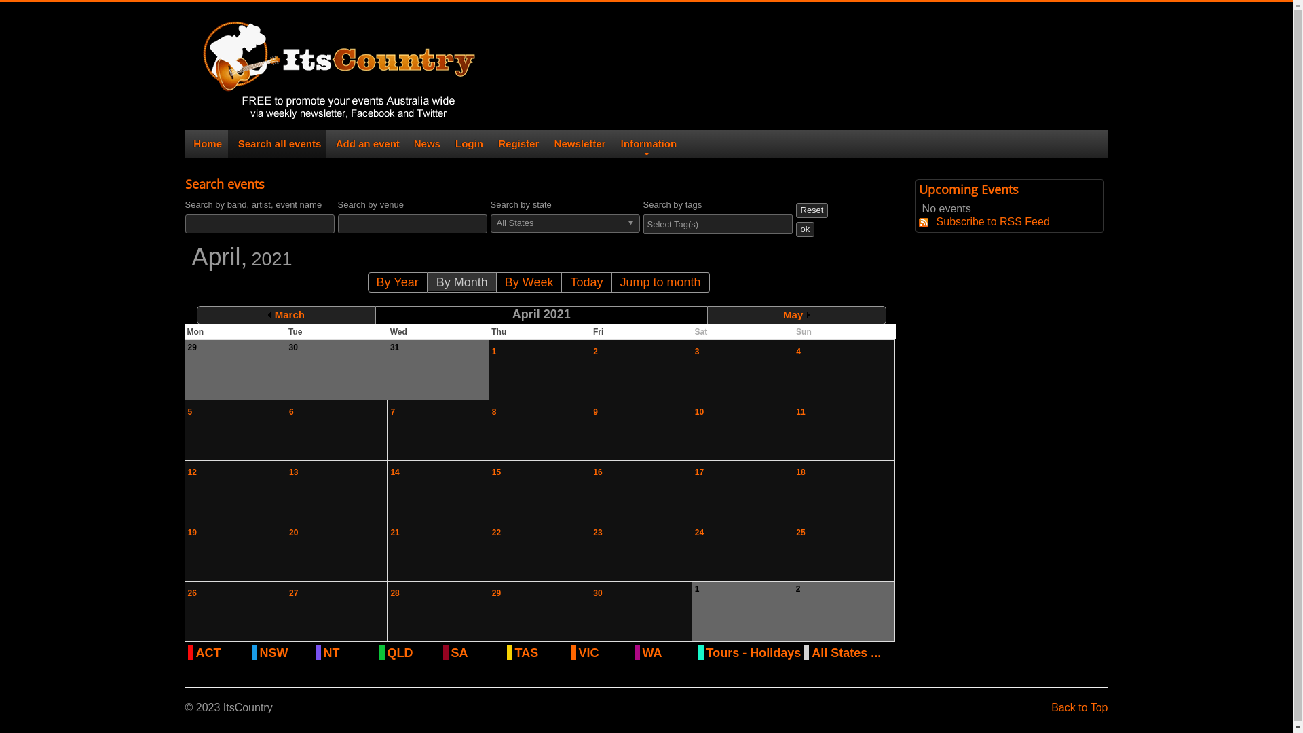 This screenshot has width=1303, height=733. Describe the element at coordinates (694, 411) in the screenshot. I see `'10'` at that location.